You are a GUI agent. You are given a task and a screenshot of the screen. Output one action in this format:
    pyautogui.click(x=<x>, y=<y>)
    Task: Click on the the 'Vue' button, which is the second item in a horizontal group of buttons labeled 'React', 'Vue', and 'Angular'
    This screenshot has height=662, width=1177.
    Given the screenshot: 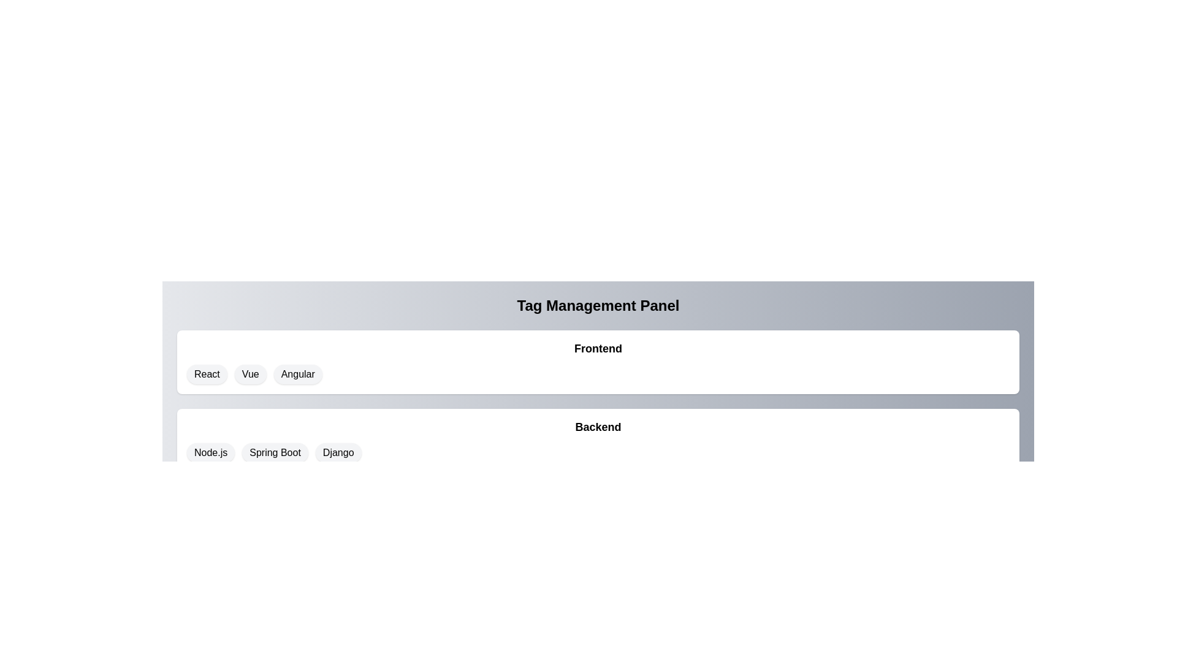 What is the action you would take?
    pyautogui.click(x=249, y=373)
    